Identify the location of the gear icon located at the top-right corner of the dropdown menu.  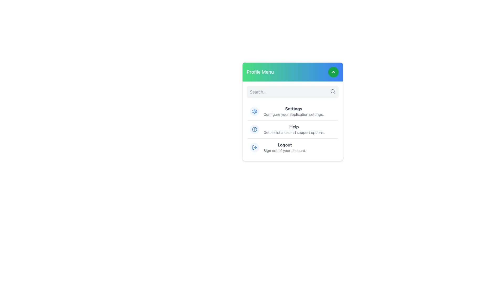
(254, 111).